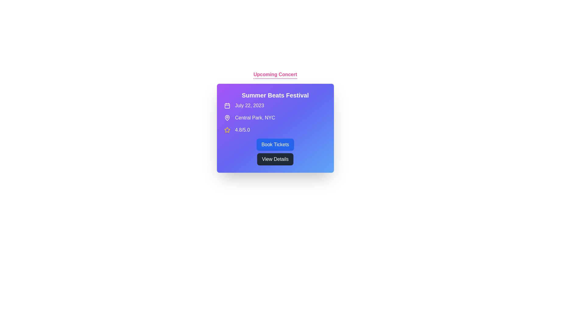  I want to click on the Text Label that serves as a title for the upcoming concert, so click(275, 75).